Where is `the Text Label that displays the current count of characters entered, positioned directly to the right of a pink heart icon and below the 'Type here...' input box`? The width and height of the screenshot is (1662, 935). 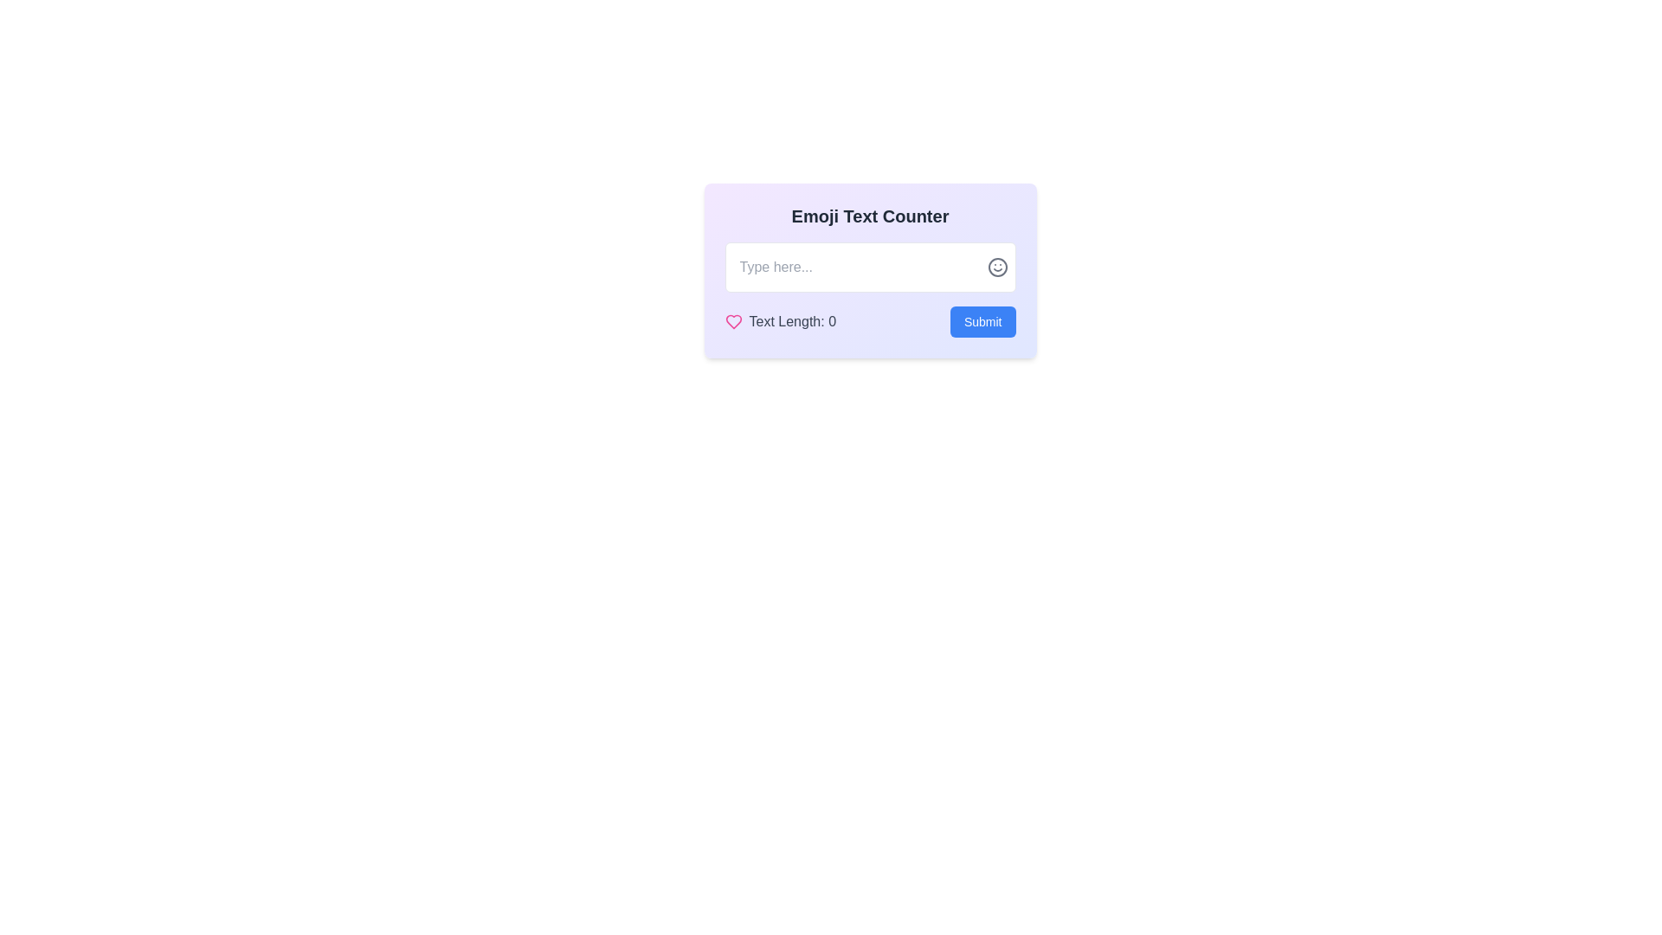
the Text Label that displays the current count of characters entered, positioned directly to the right of a pink heart icon and below the 'Type here...' input box is located at coordinates (791, 321).